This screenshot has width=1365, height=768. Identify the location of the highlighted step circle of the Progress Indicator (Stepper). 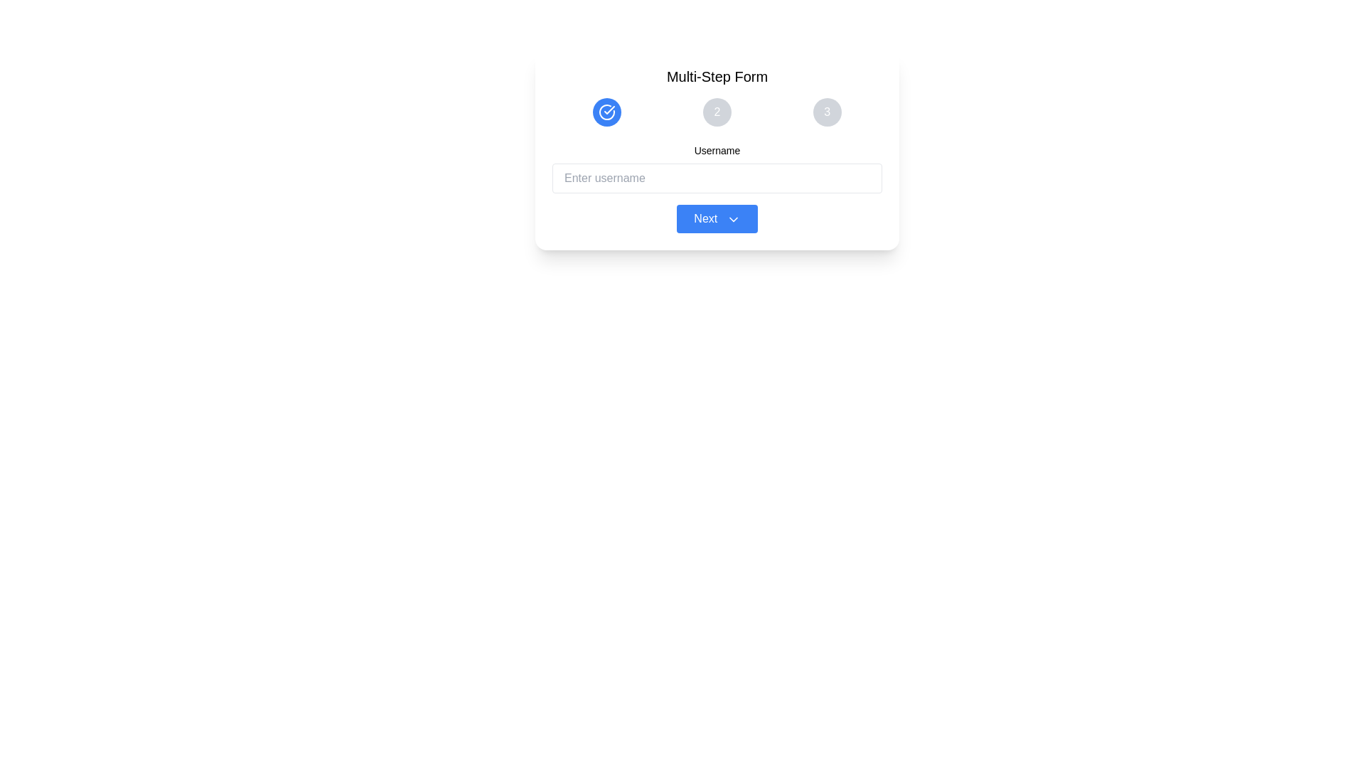
(717, 96).